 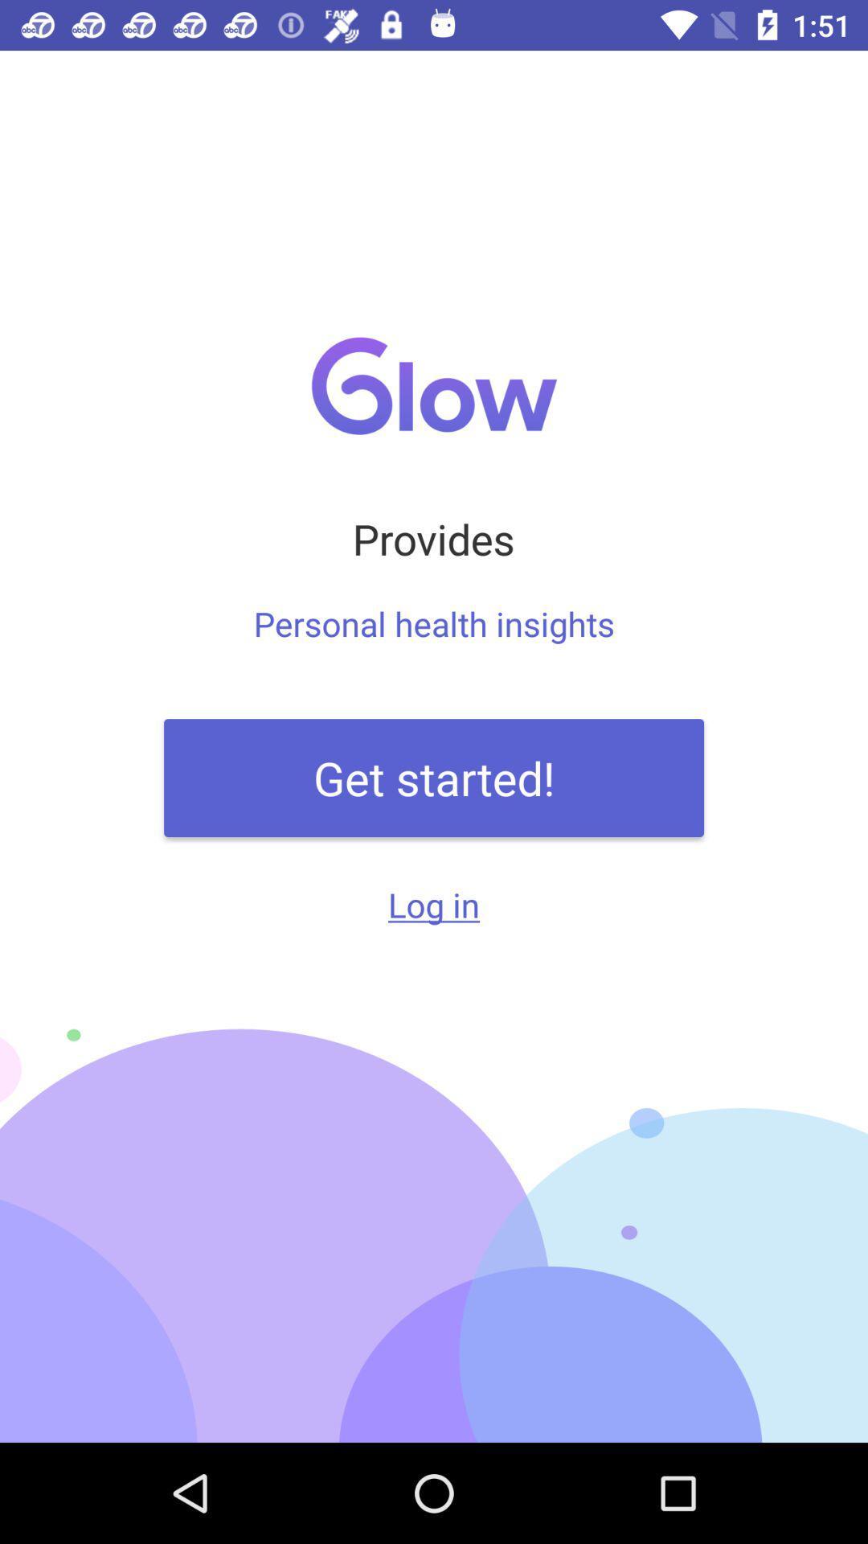 What do you see at coordinates (434, 778) in the screenshot?
I see `the item above log in` at bounding box center [434, 778].